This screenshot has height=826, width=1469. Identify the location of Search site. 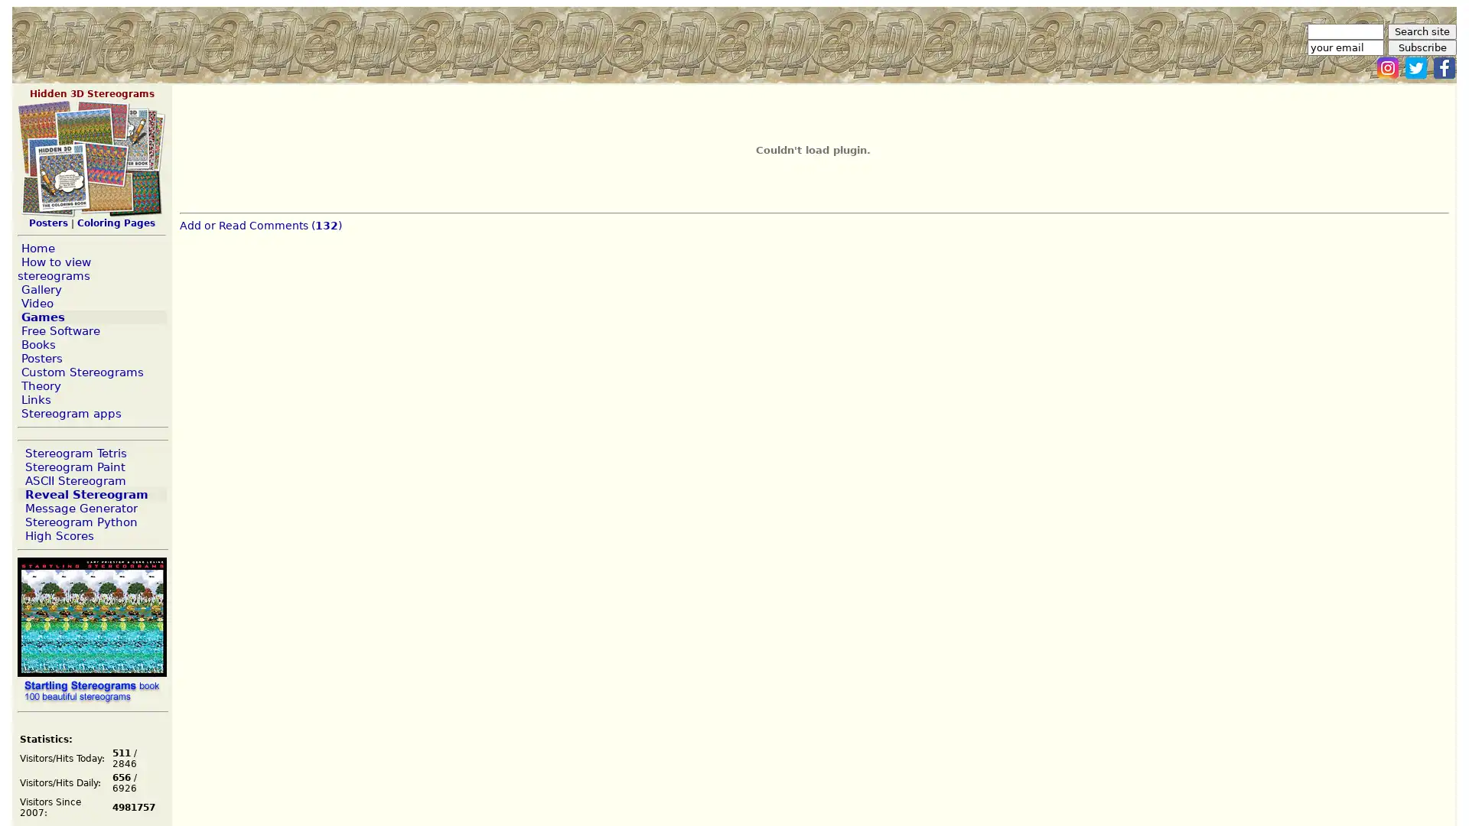
(1421, 31).